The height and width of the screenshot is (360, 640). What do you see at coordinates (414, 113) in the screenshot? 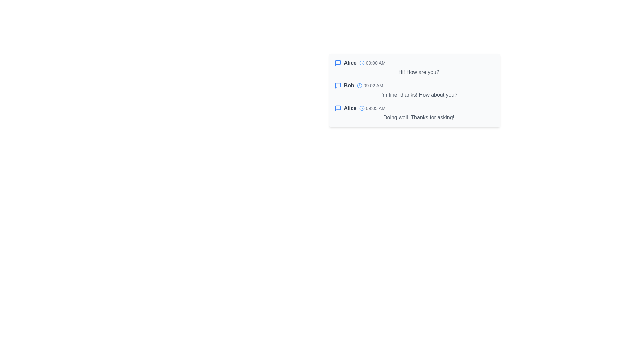
I see `the chat message entry from 'Alice' containing the timestamp '09:05 AM' and the message 'Doing well. Thanks for asking!' to interact with it` at bounding box center [414, 113].